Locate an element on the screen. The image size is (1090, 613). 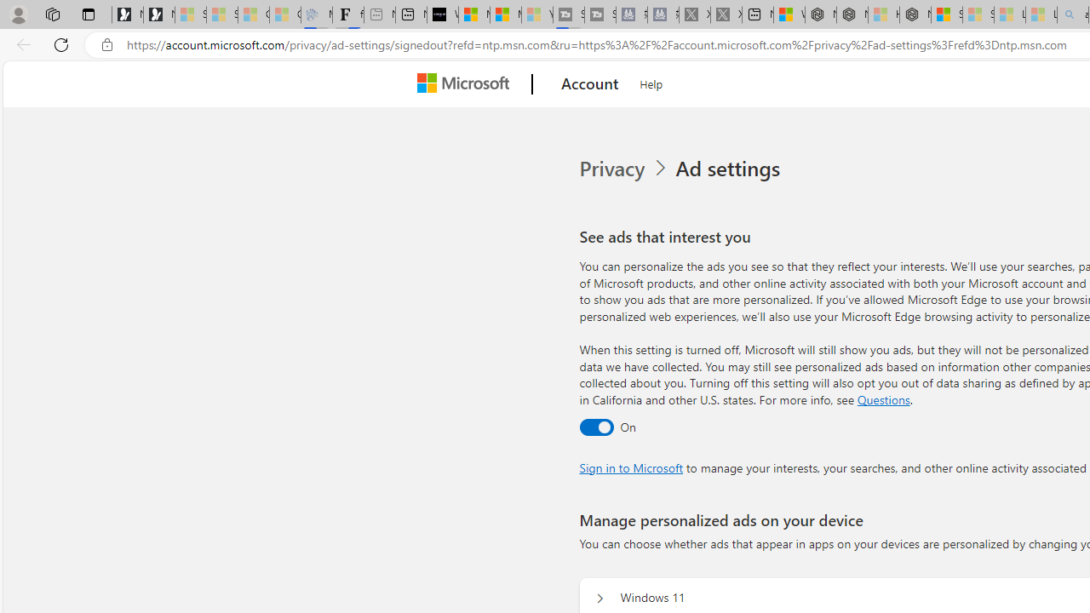
'Account' is located at coordinates (590, 84).